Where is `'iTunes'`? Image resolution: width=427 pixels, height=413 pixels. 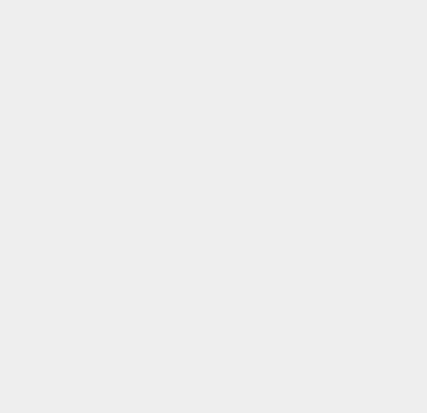
'iTunes' is located at coordinates (310, 24).